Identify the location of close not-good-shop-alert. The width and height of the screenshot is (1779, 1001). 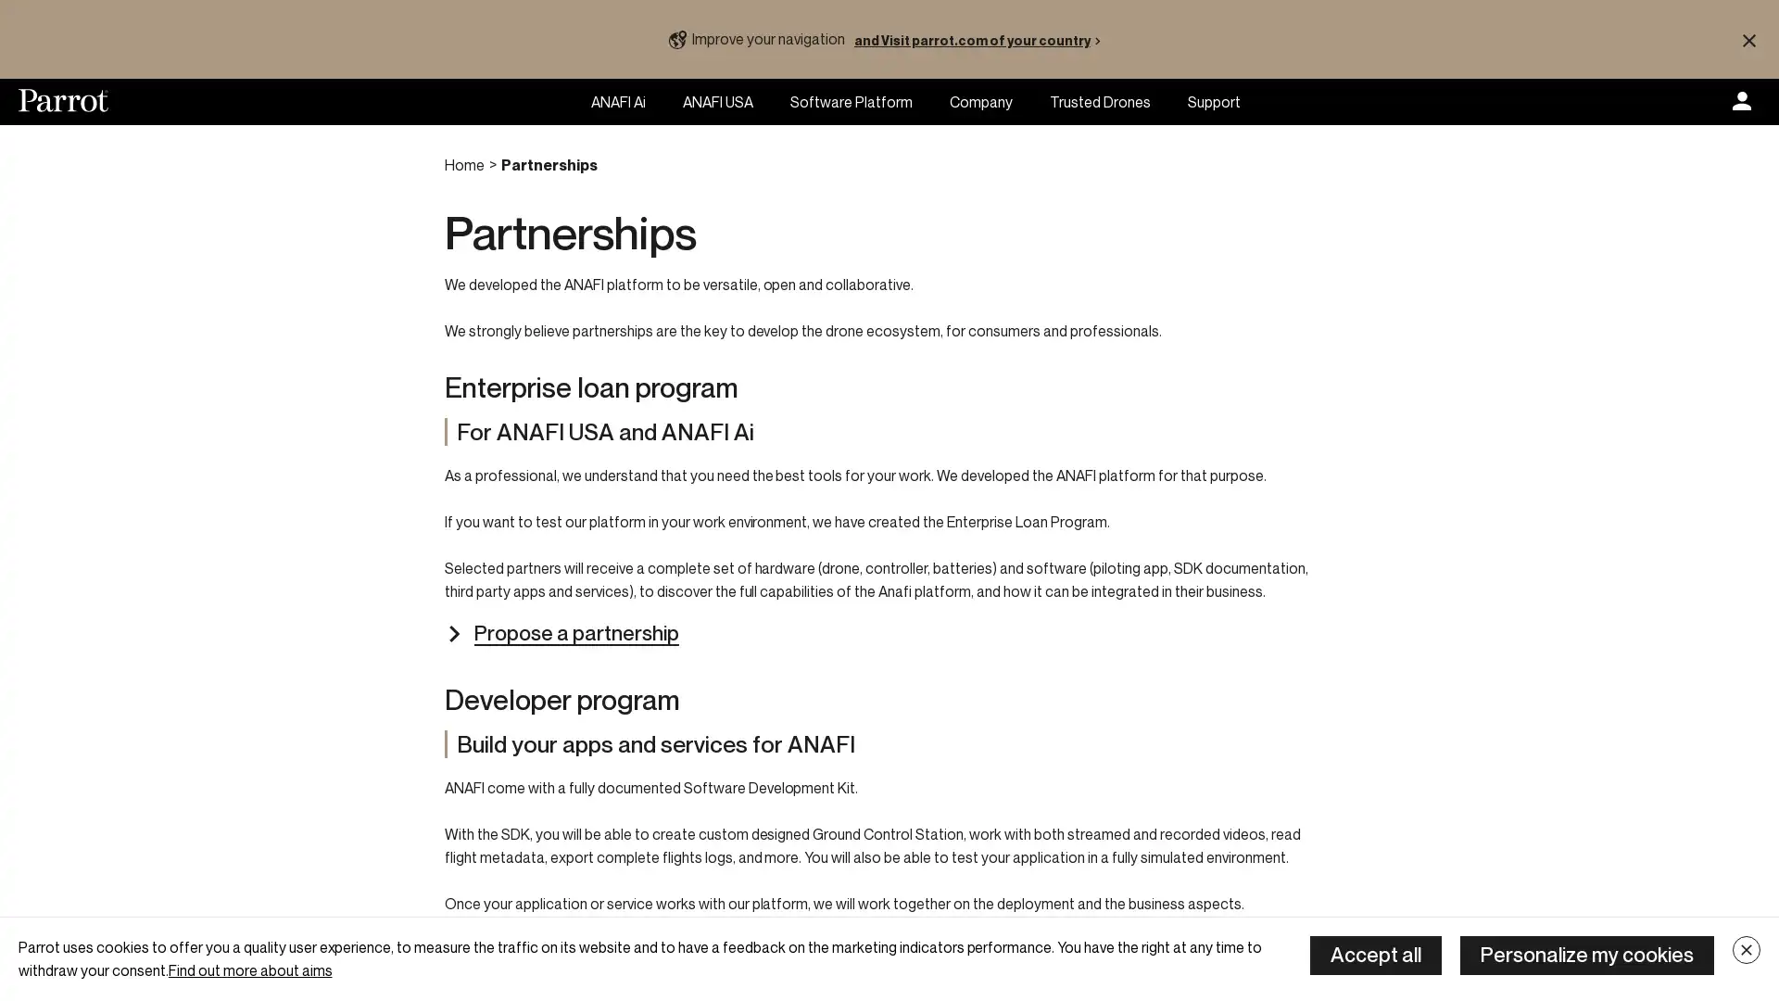
(1747, 39).